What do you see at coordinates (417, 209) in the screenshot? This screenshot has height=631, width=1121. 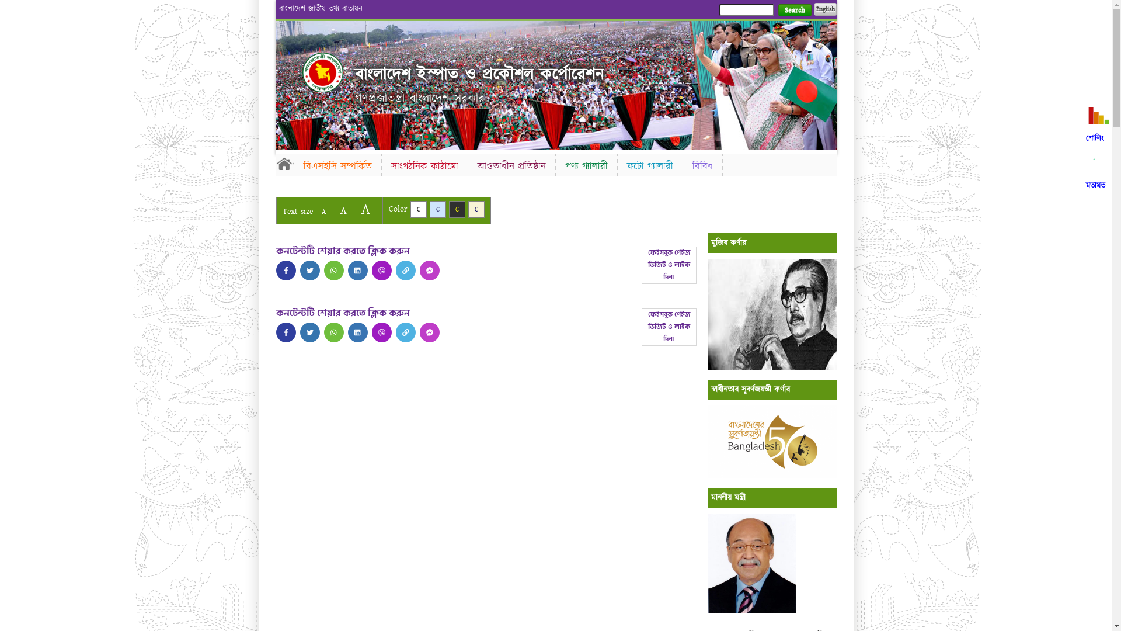 I see `'C'` at bounding box center [417, 209].